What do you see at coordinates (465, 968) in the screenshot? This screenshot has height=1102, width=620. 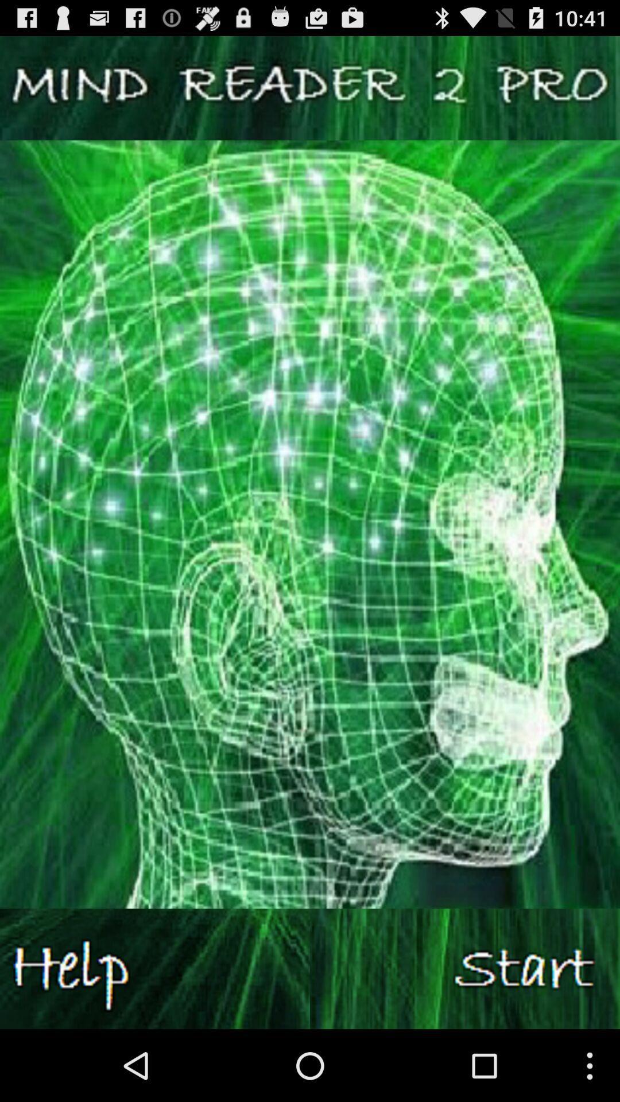 I see `switch on the article option` at bounding box center [465, 968].